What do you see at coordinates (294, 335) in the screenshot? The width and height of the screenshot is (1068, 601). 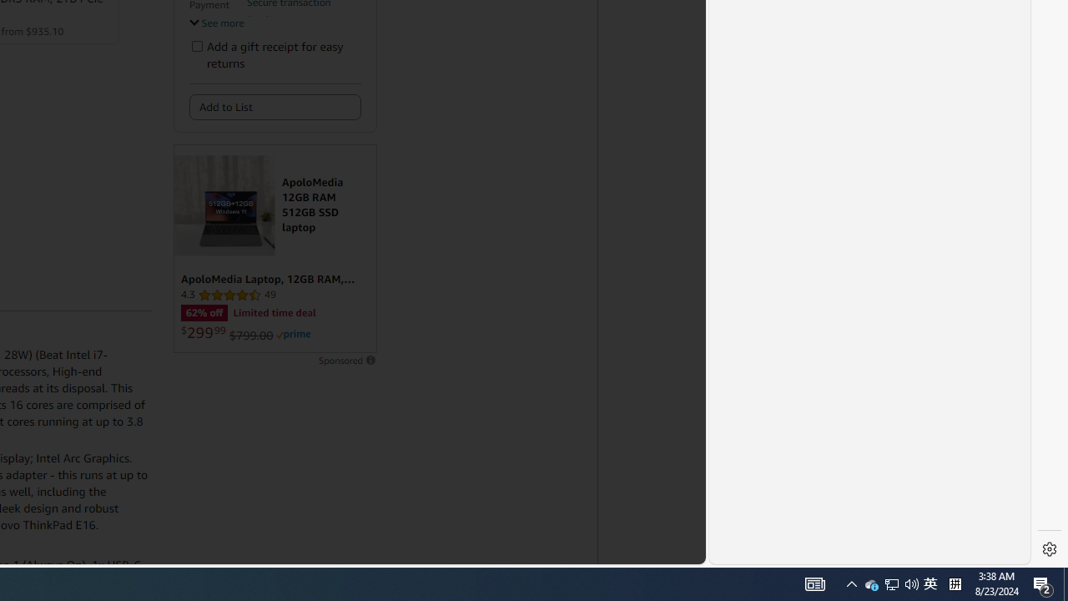 I see `'Prime'` at bounding box center [294, 335].